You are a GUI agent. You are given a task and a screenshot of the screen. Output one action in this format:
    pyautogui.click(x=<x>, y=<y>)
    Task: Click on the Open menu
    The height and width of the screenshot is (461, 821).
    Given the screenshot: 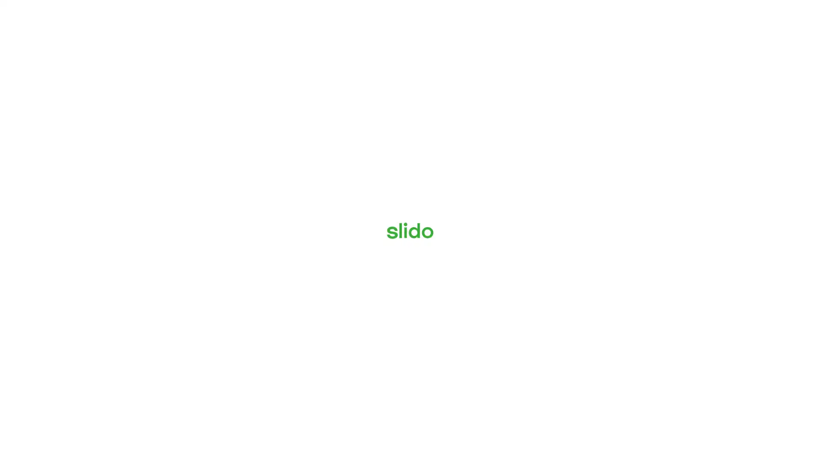 What is the action you would take?
    pyautogui.click(x=44, y=12)
    